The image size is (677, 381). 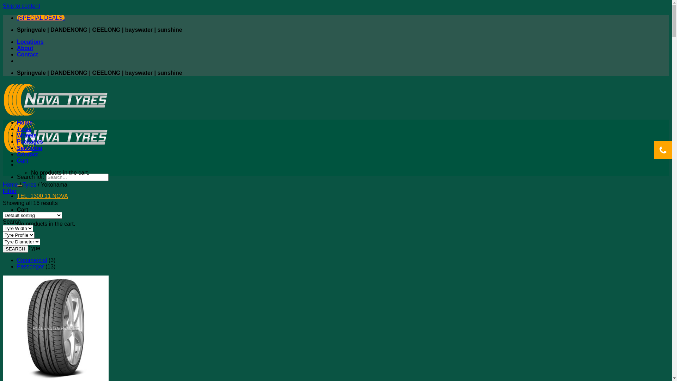 I want to click on 'About', so click(x=25, y=48).